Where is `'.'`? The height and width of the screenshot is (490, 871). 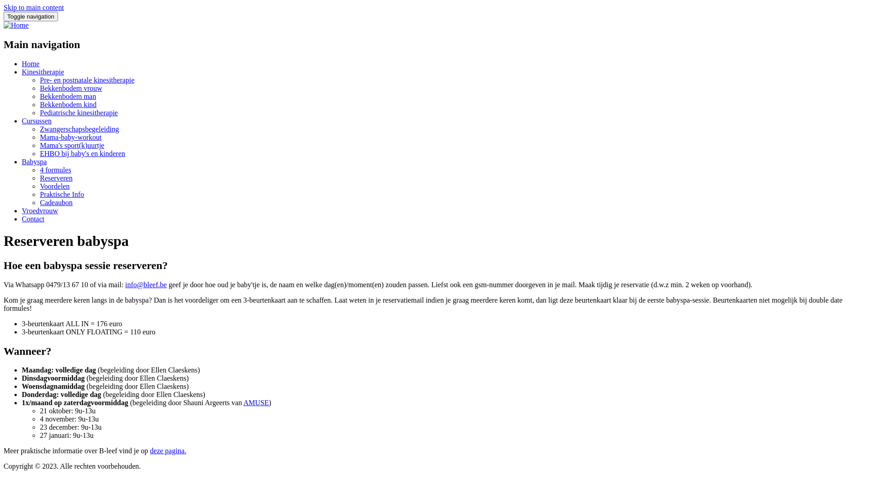 '.' is located at coordinates (185, 451).